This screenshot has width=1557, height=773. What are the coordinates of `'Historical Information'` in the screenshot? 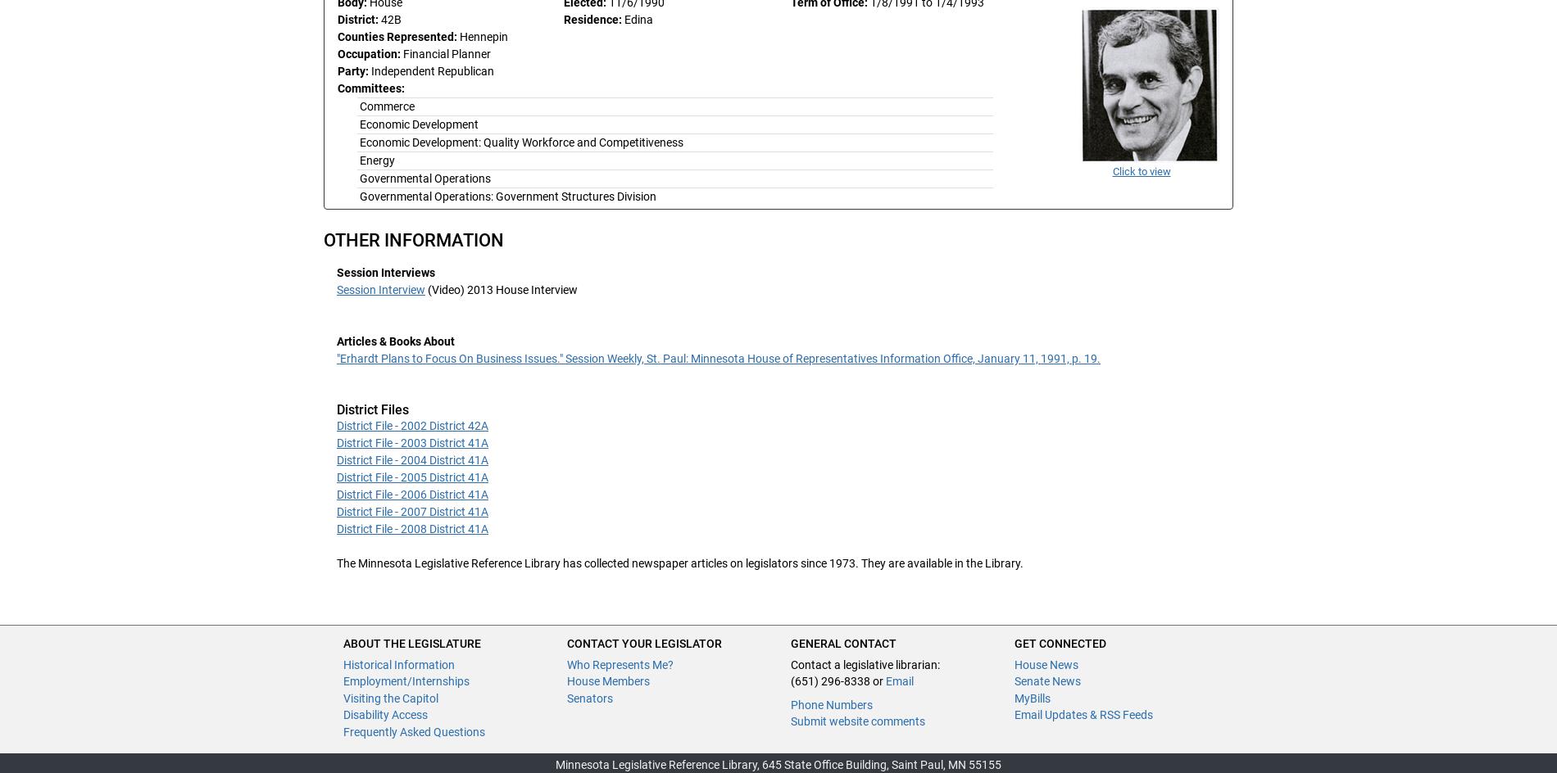 It's located at (398, 662).